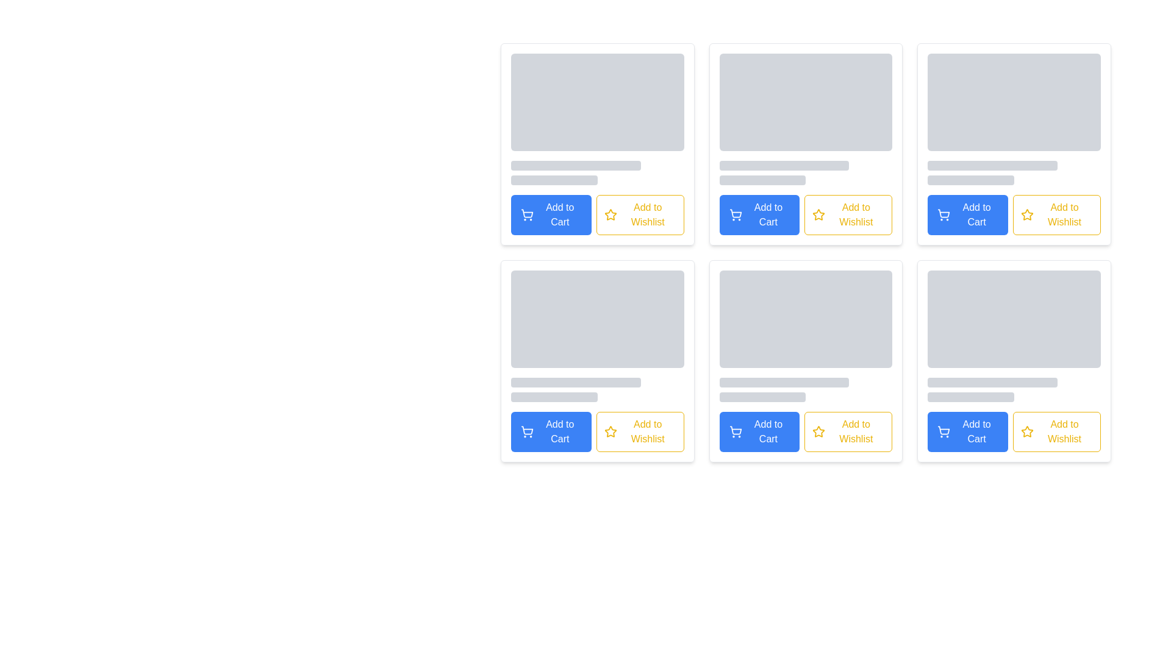  I want to click on the 'Add to Cart' button located in the first row, second column of the product grid layout, so click(759, 214).